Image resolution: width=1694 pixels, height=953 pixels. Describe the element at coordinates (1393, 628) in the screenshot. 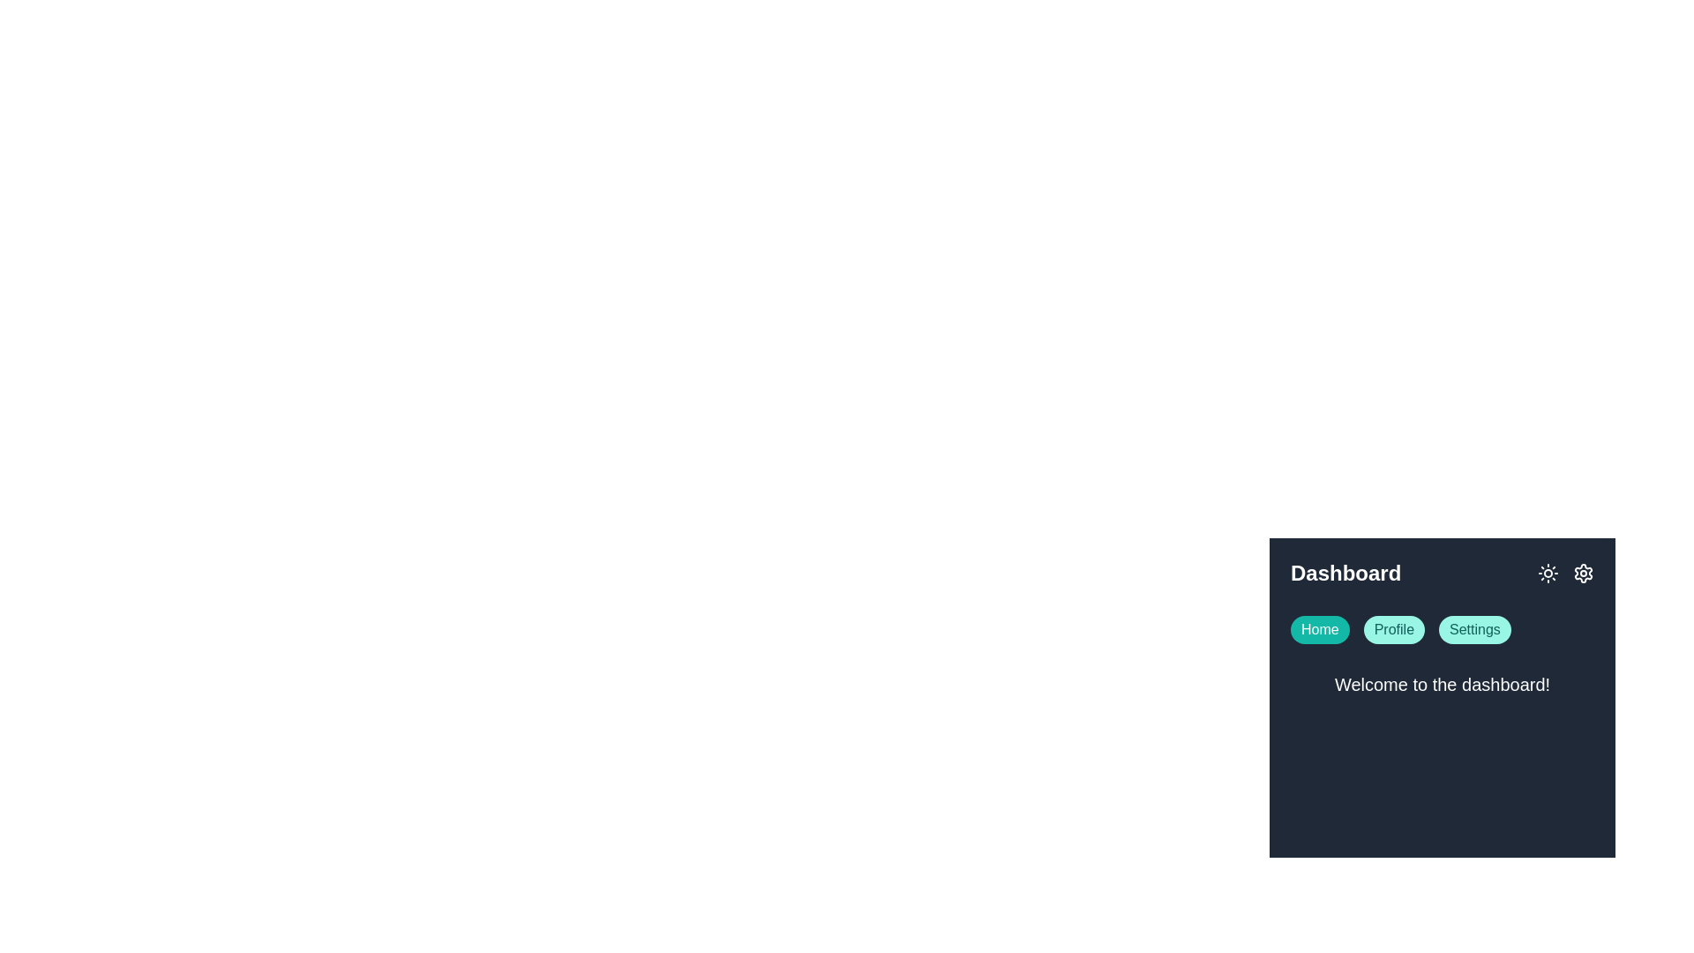

I see `the 'Profile' button, which is a rounded rectangular button with a teal background located in the horizontal navigation menu between the 'Home' and 'Settings' buttons` at that location.